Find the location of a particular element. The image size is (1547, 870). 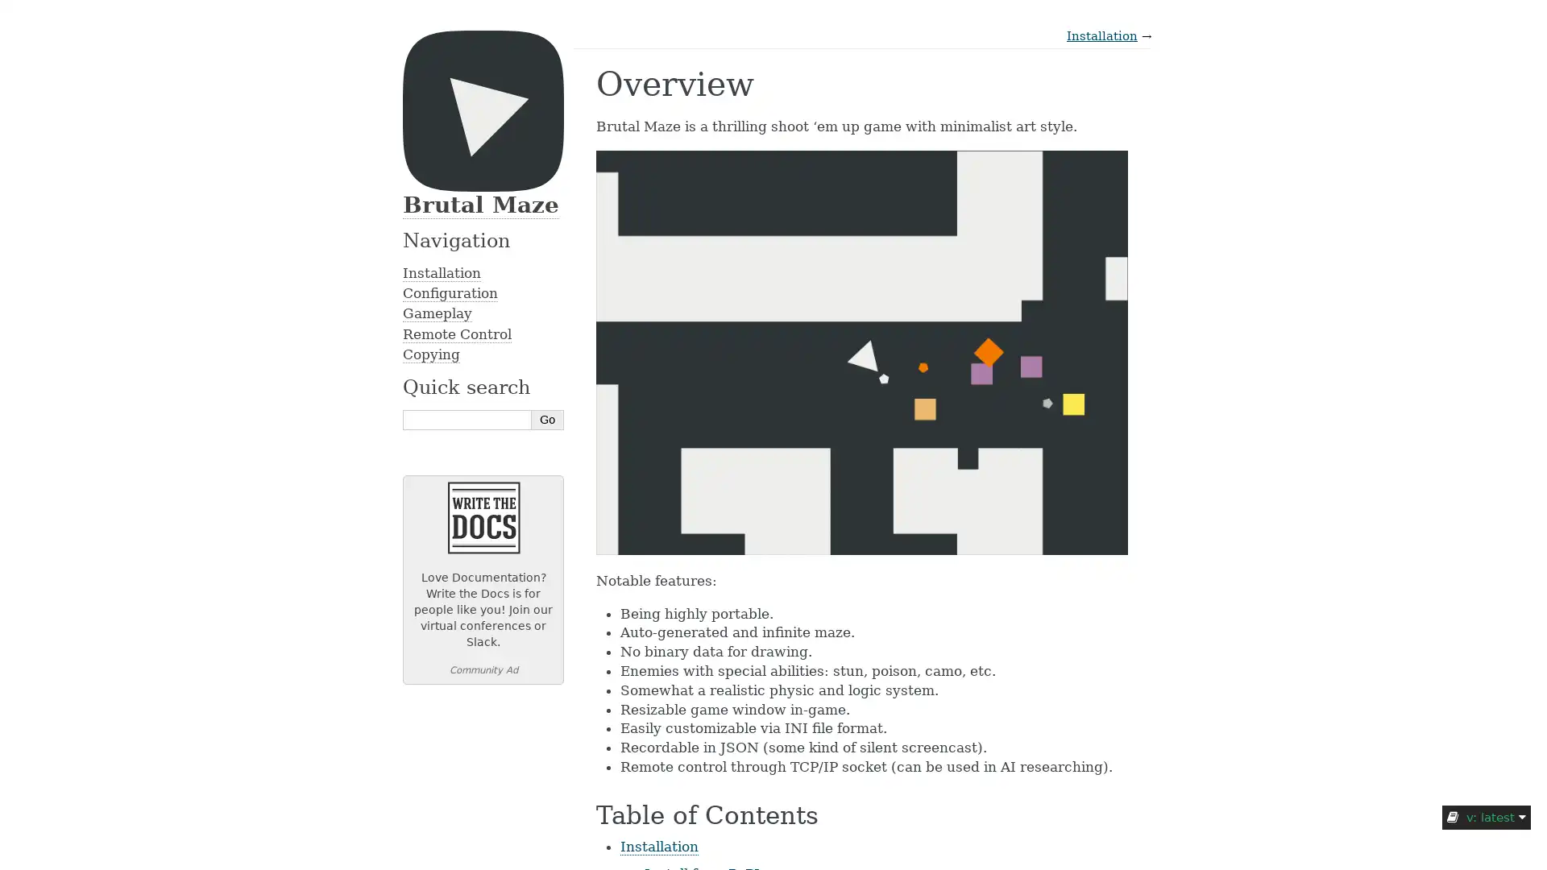

Go is located at coordinates (548, 418).